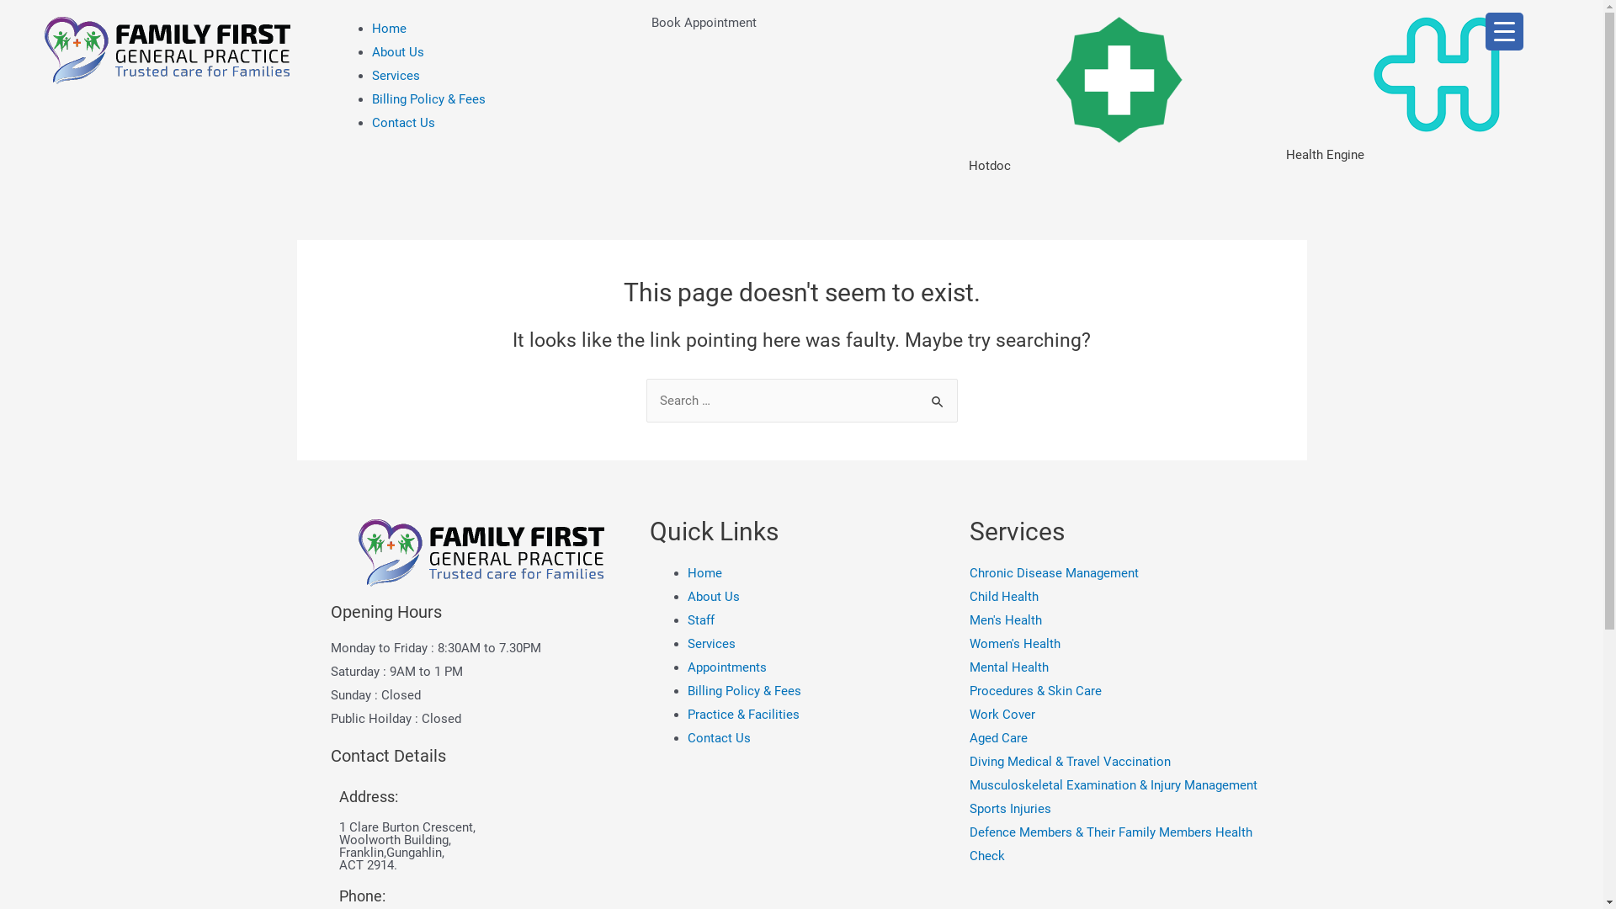 The width and height of the screenshot is (1616, 909). I want to click on 'Child Health', so click(970, 596).